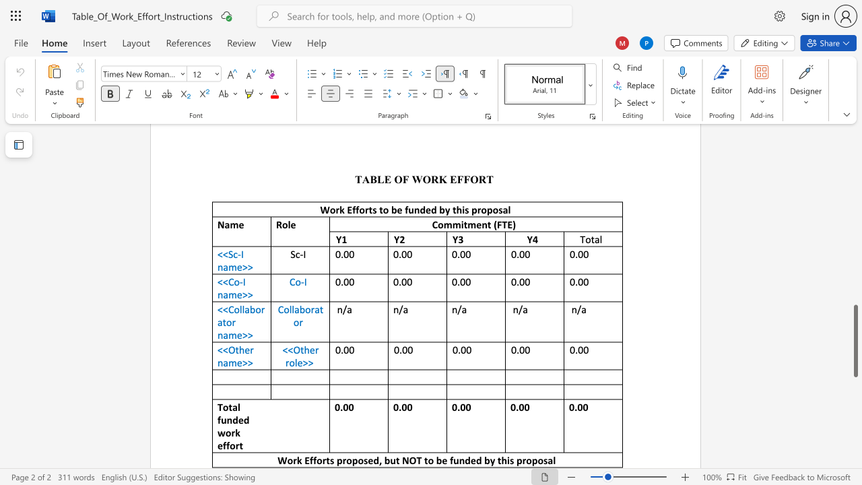 This screenshot has width=862, height=485. Describe the element at coordinates (855, 167) in the screenshot. I see `the scrollbar on the side` at that location.